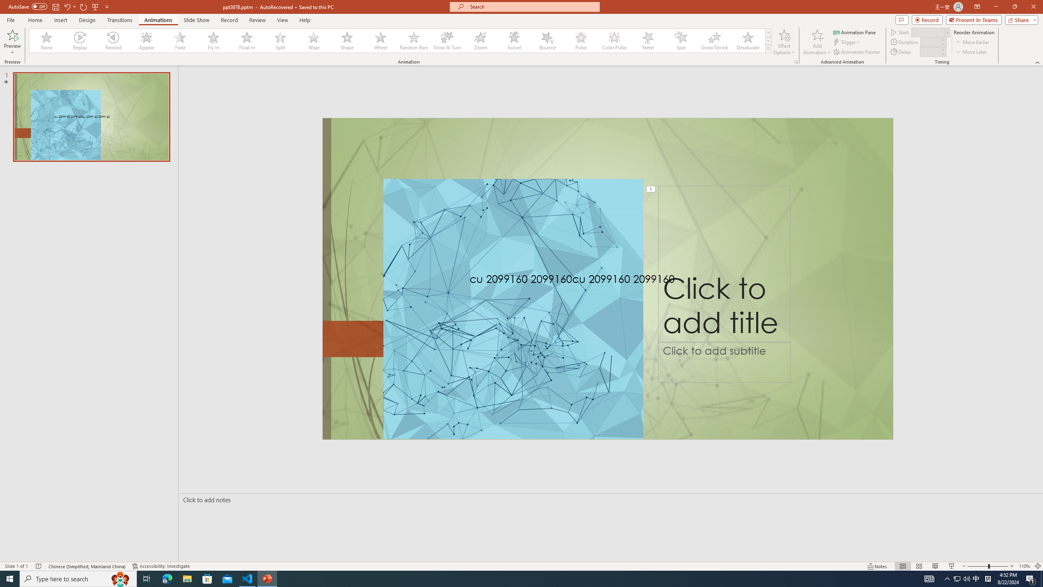  I want to click on 'Effect Options', so click(784, 42).